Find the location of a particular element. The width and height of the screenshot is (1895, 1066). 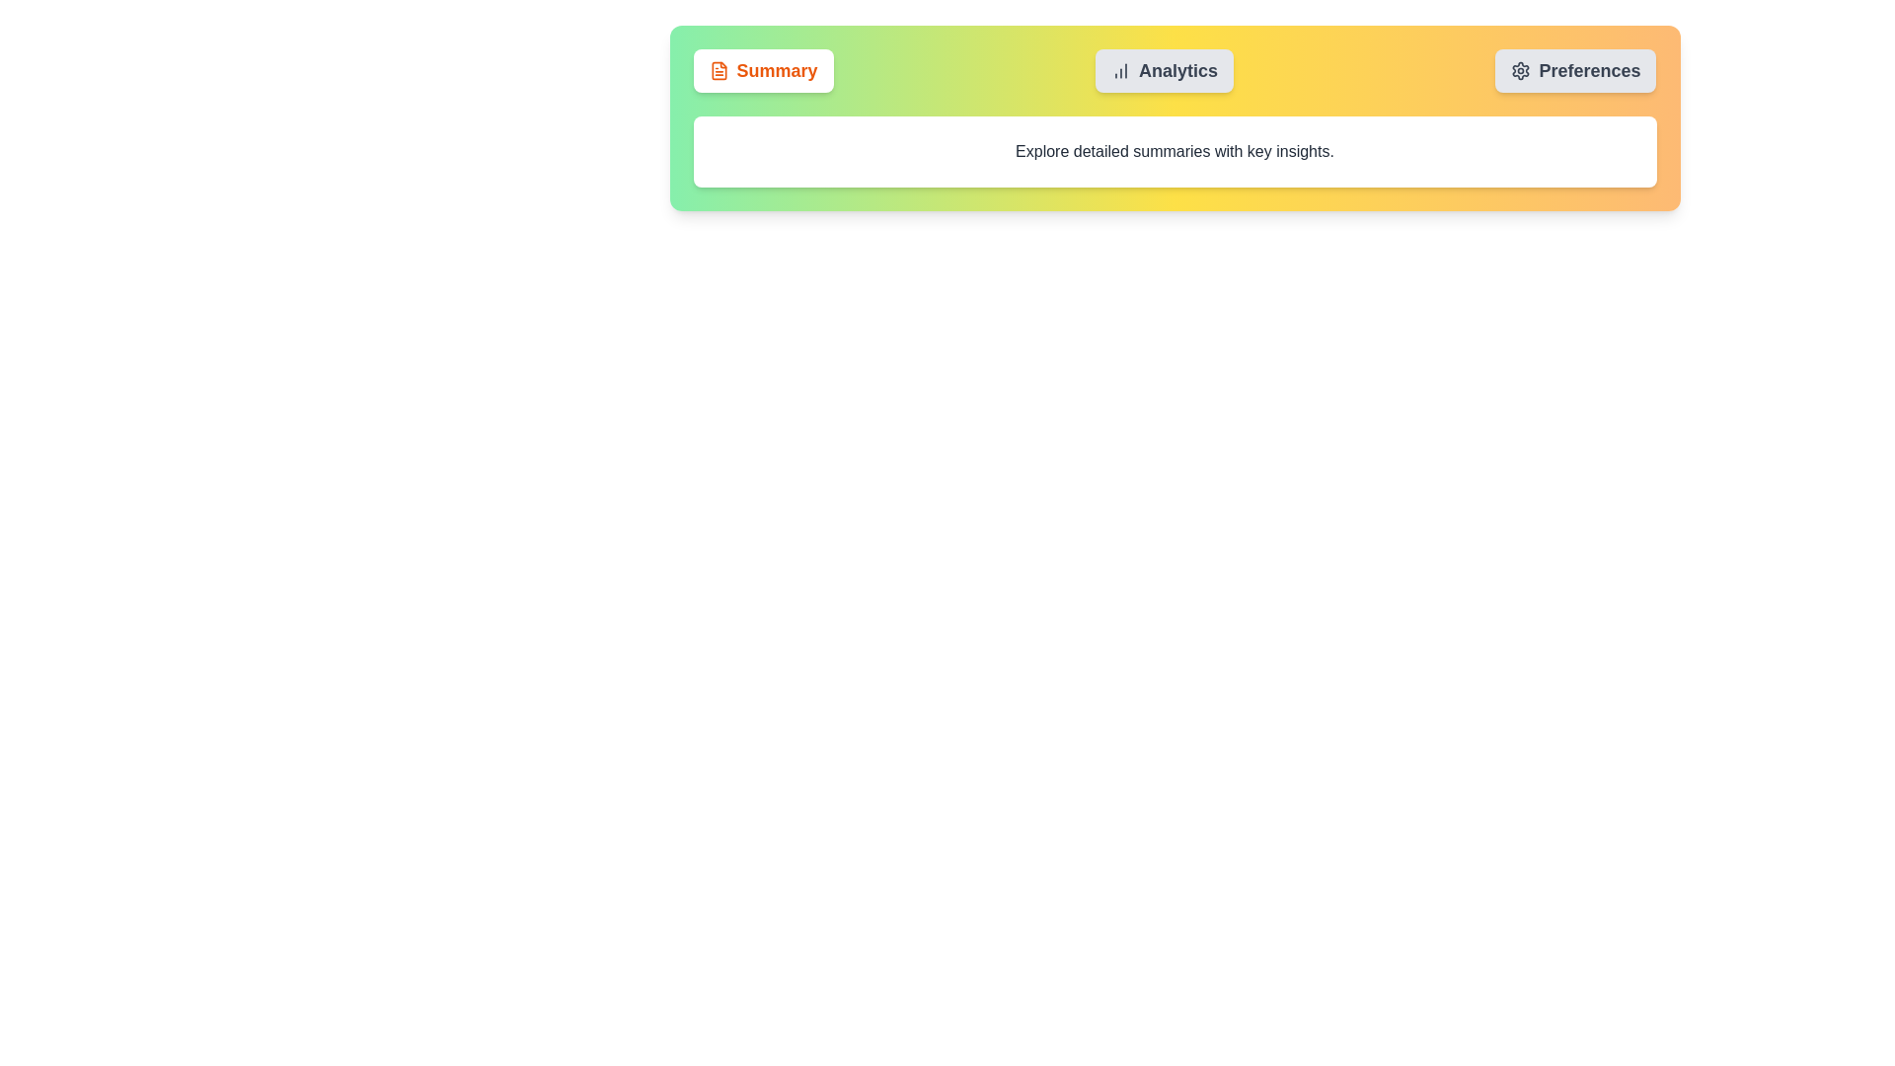

the gear icon located at the top right corner of the interface next to the 'Preferences' tab to trigger a tooltip or visual feedback is located at coordinates (1520, 70).